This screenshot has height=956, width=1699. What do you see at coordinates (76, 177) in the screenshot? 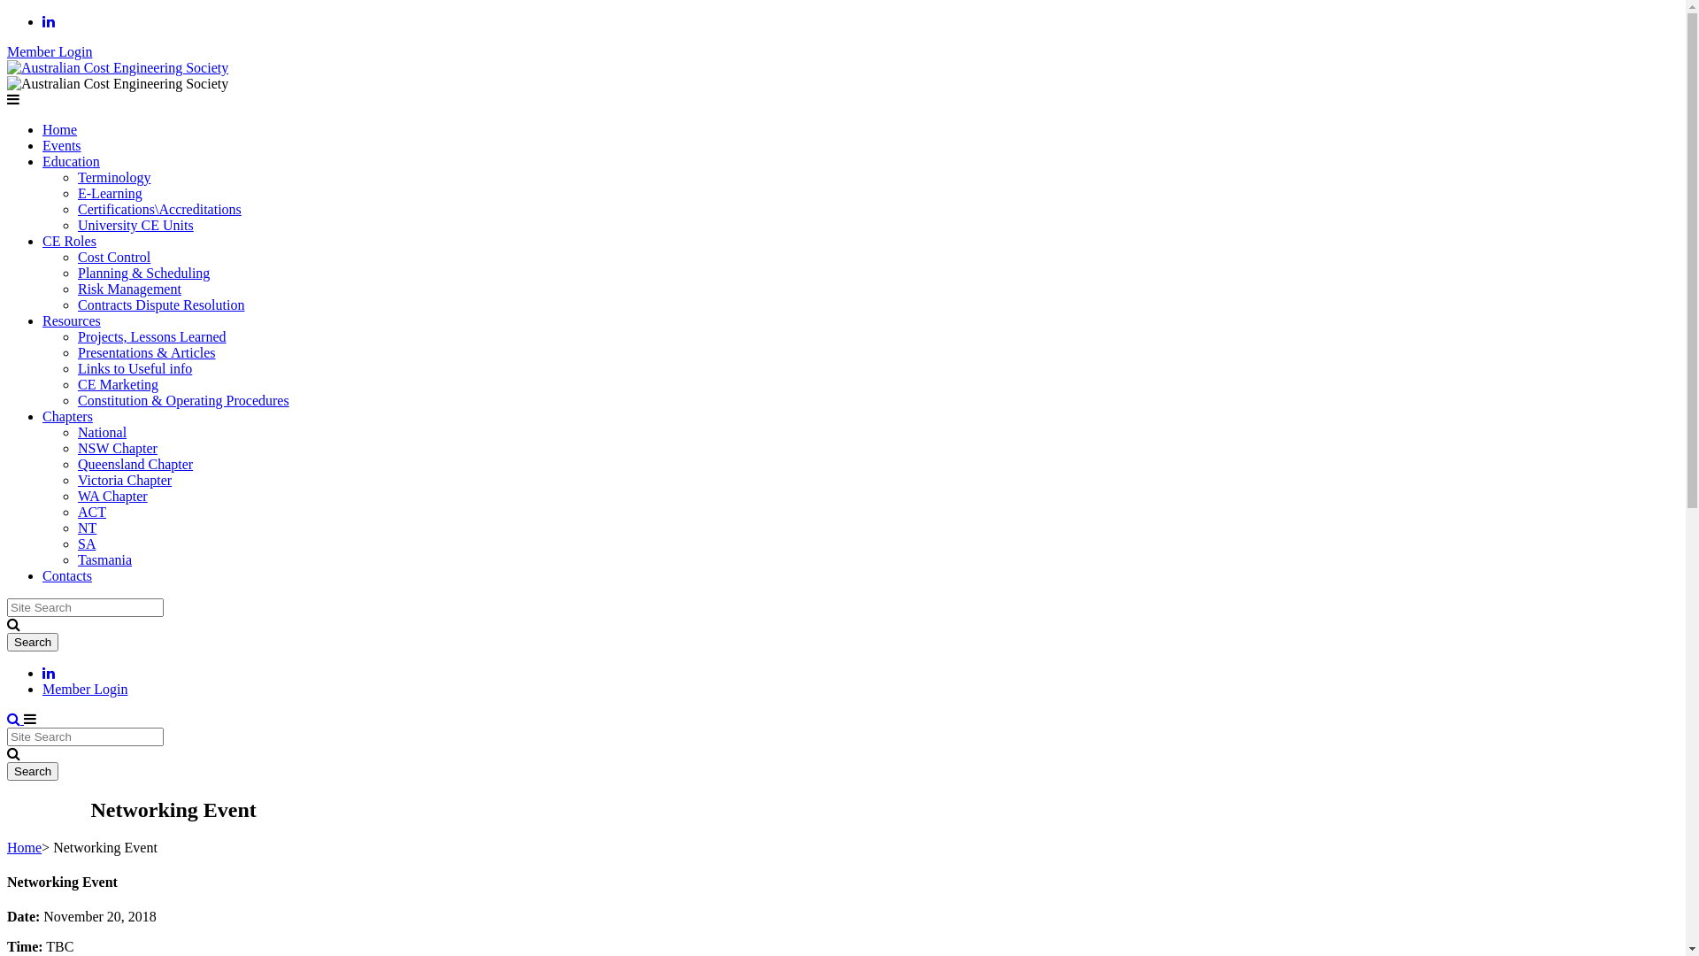
I see `'Terminology'` at bounding box center [76, 177].